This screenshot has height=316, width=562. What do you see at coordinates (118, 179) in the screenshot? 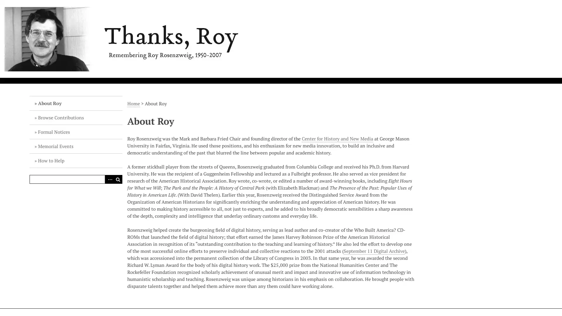
I see `Search` at bounding box center [118, 179].